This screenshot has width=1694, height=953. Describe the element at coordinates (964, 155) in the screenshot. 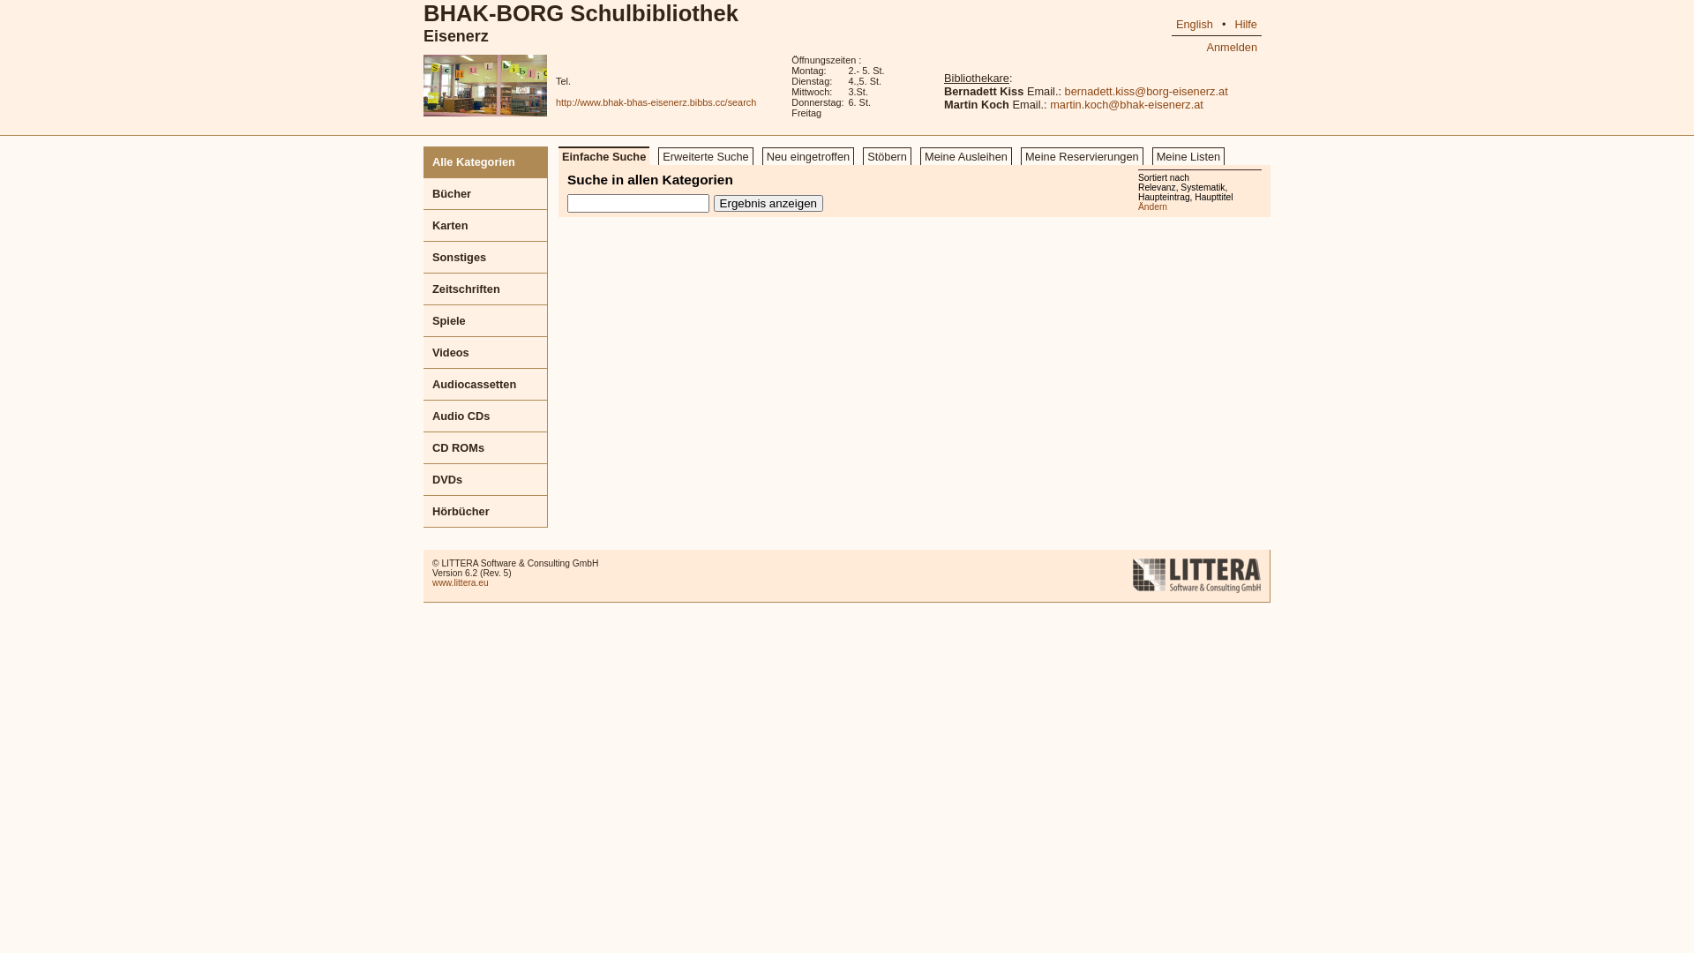

I see `'Meine Ausleihen'` at that location.